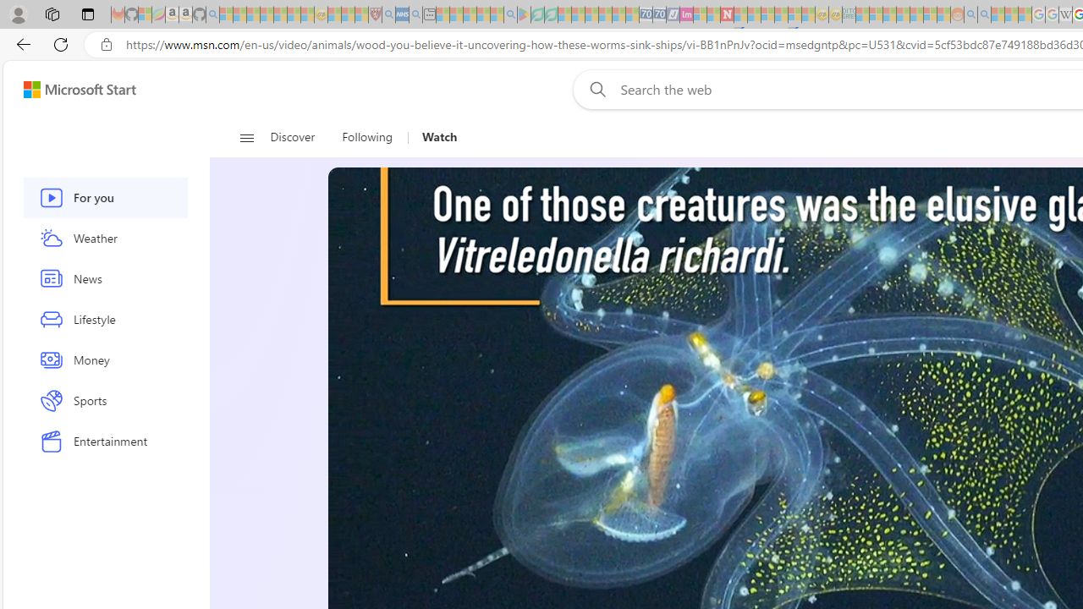  What do you see at coordinates (753, 14) in the screenshot?
I see `'14 Common Myths Debunked By Scientific Facts - Sleeping'` at bounding box center [753, 14].